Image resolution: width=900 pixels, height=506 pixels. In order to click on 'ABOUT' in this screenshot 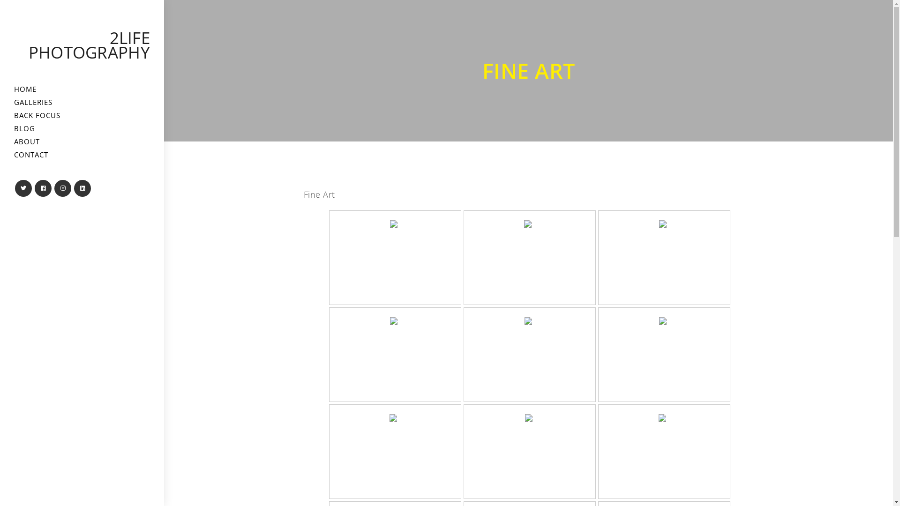, I will do `click(82, 141)`.